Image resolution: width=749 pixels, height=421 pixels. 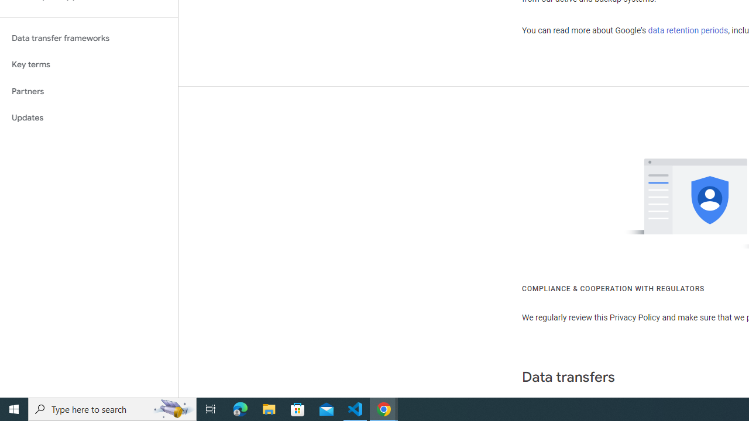 What do you see at coordinates (88, 37) in the screenshot?
I see `'Data transfer frameworks'` at bounding box center [88, 37].